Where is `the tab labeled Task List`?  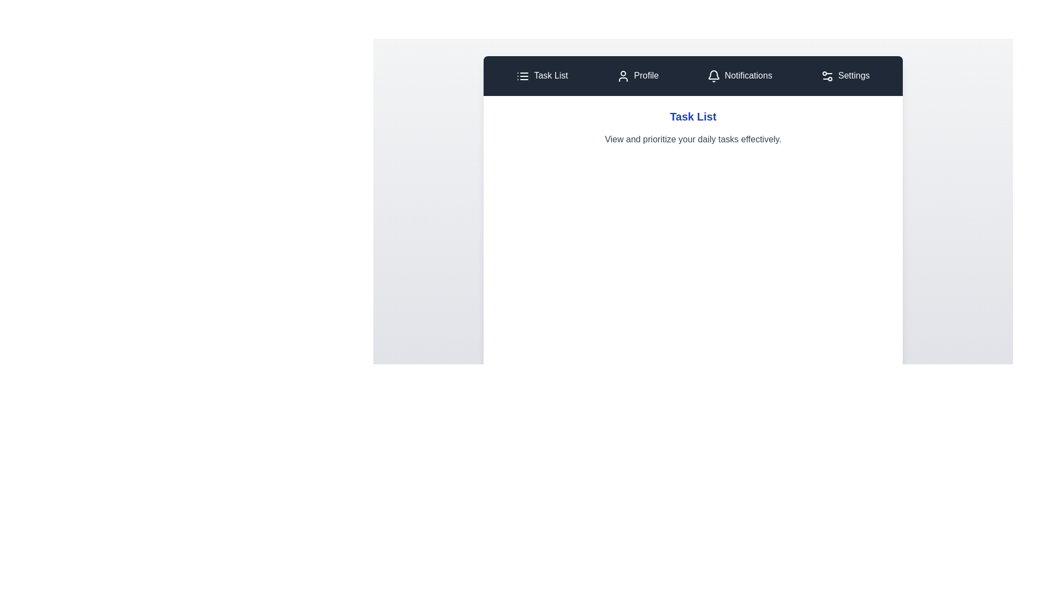 the tab labeled Task List is located at coordinates (542, 75).